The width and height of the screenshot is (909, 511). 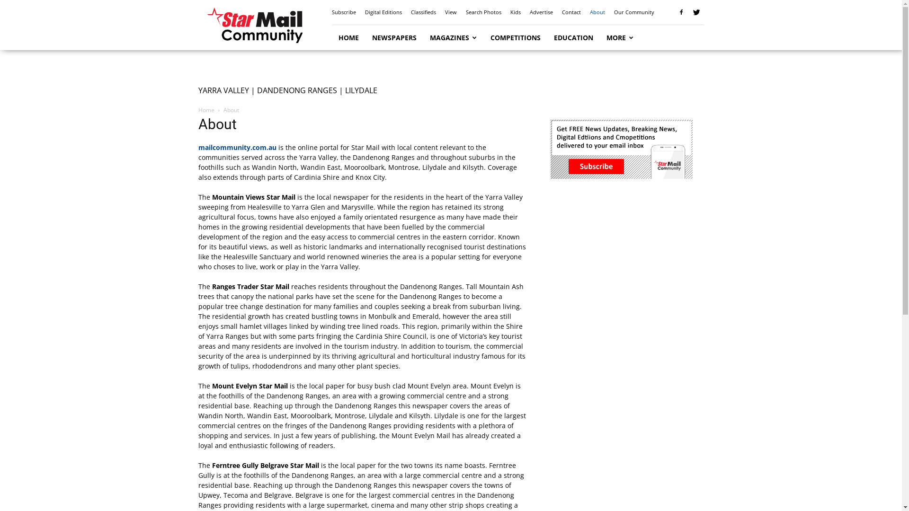 What do you see at coordinates (394, 37) in the screenshot?
I see `'NEWSPAPERS'` at bounding box center [394, 37].